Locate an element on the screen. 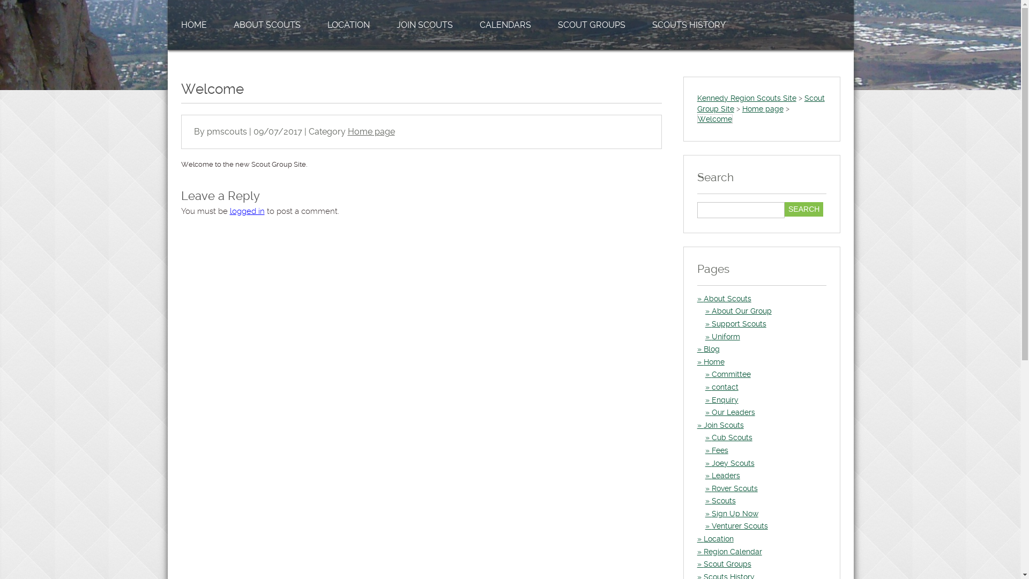 The height and width of the screenshot is (579, 1029). 'JOIN SCOUTS' is located at coordinates (423, 24).